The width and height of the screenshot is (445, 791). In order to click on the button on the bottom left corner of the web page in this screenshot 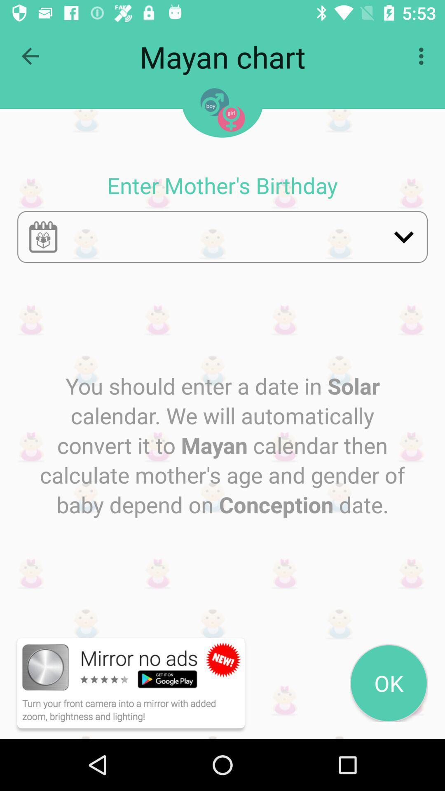, I will do `click(120, 683)`.